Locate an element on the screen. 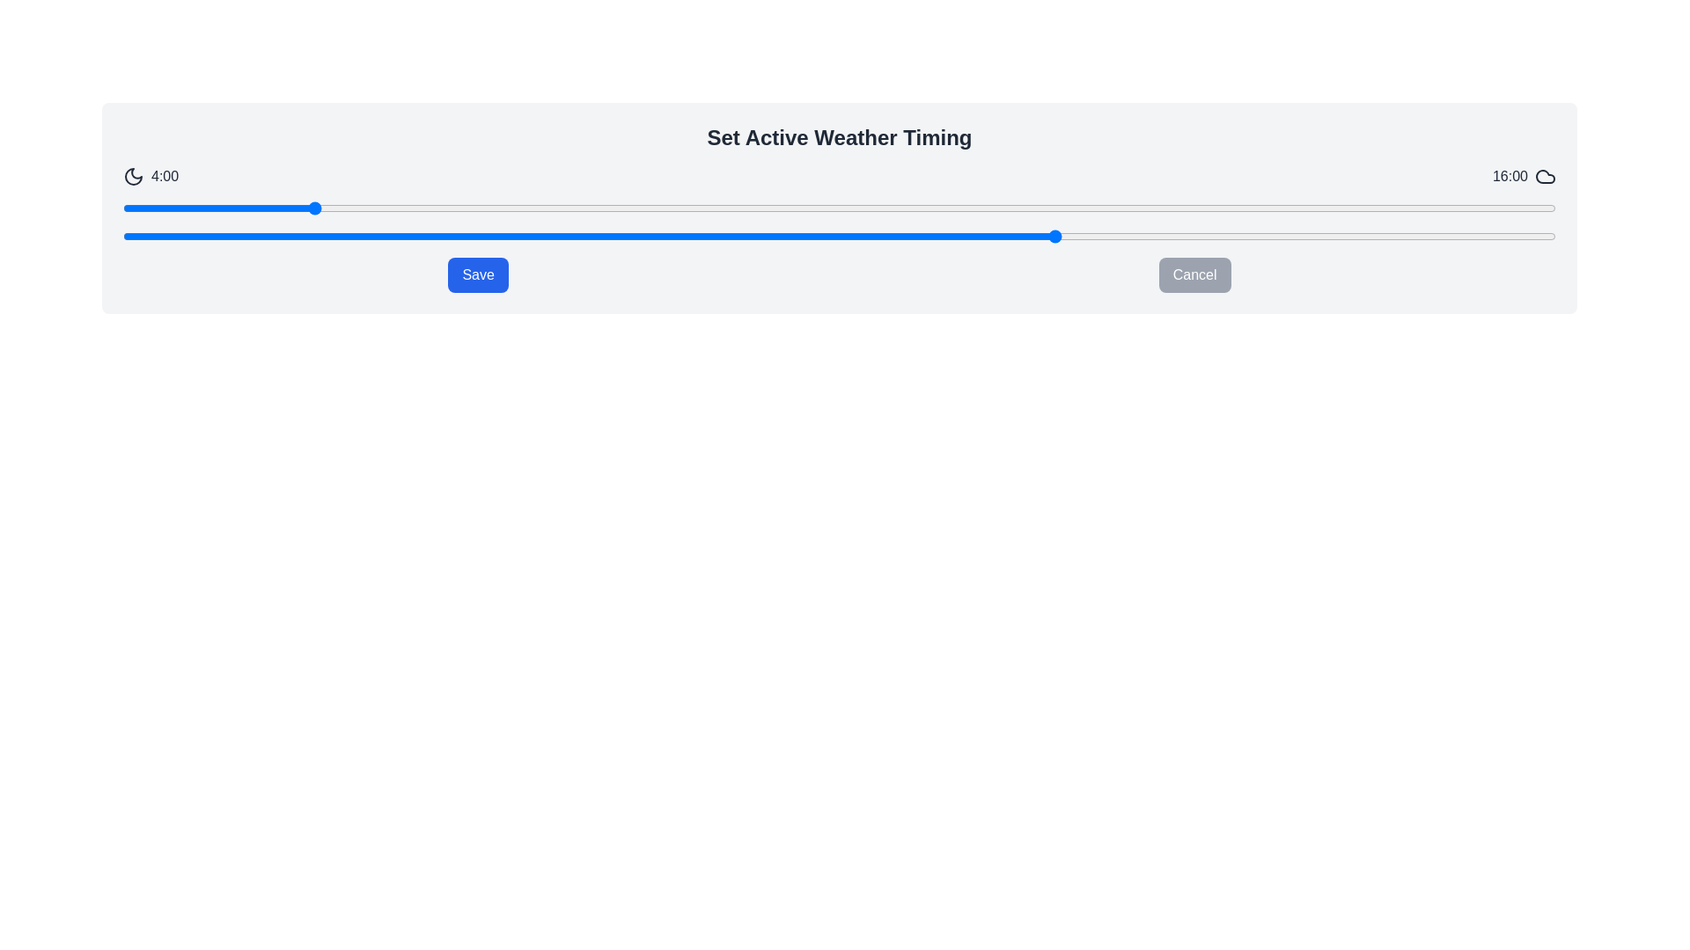  the SVG graphic icon representing cloudy weather status located in the upper-right section of the interface next to the time display '16:00' is located at coordinates (1545, 176).